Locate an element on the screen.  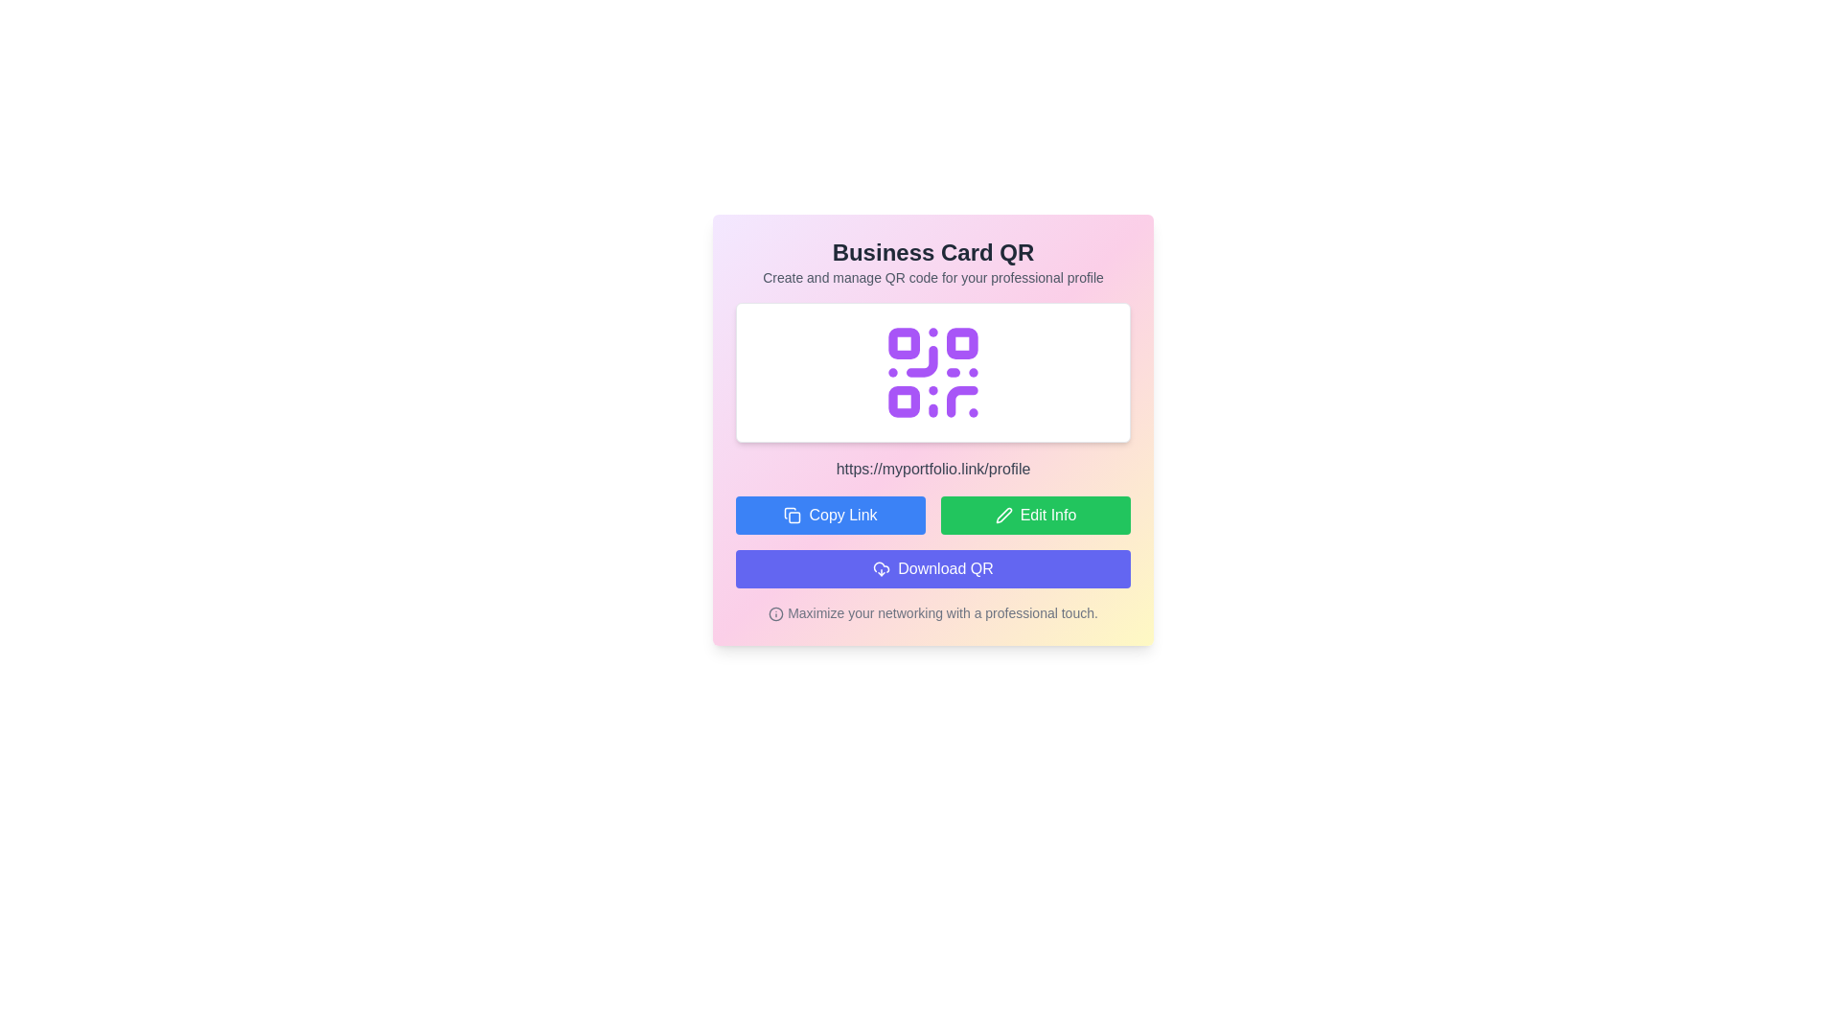
text content from the text block featuring the heading 'Business Card QR' and the subheading 'Create and manage QR code for your professional profile', located at the top of a pastel gradient card is located at coordinates (933, 262).